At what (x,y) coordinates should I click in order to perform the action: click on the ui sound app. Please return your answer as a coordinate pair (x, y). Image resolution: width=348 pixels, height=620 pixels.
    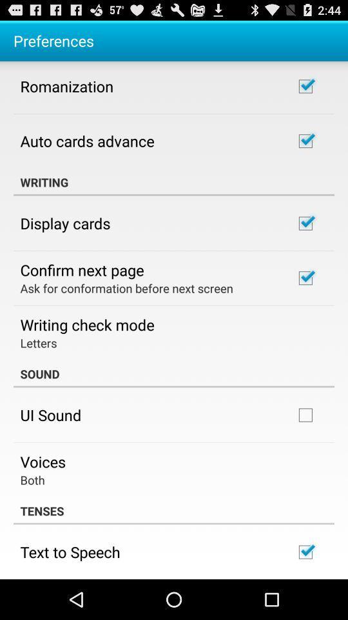
    Looking at the image, I should click on (50, 414).